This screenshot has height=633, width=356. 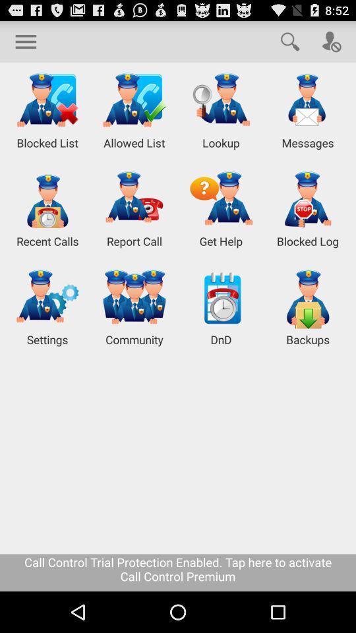 I want to click on the follow icon, so click(x=331, y=44).